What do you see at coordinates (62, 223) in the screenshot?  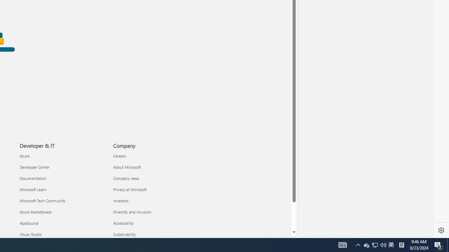 I see `'AppSource'` at bounding box center [62, 223].